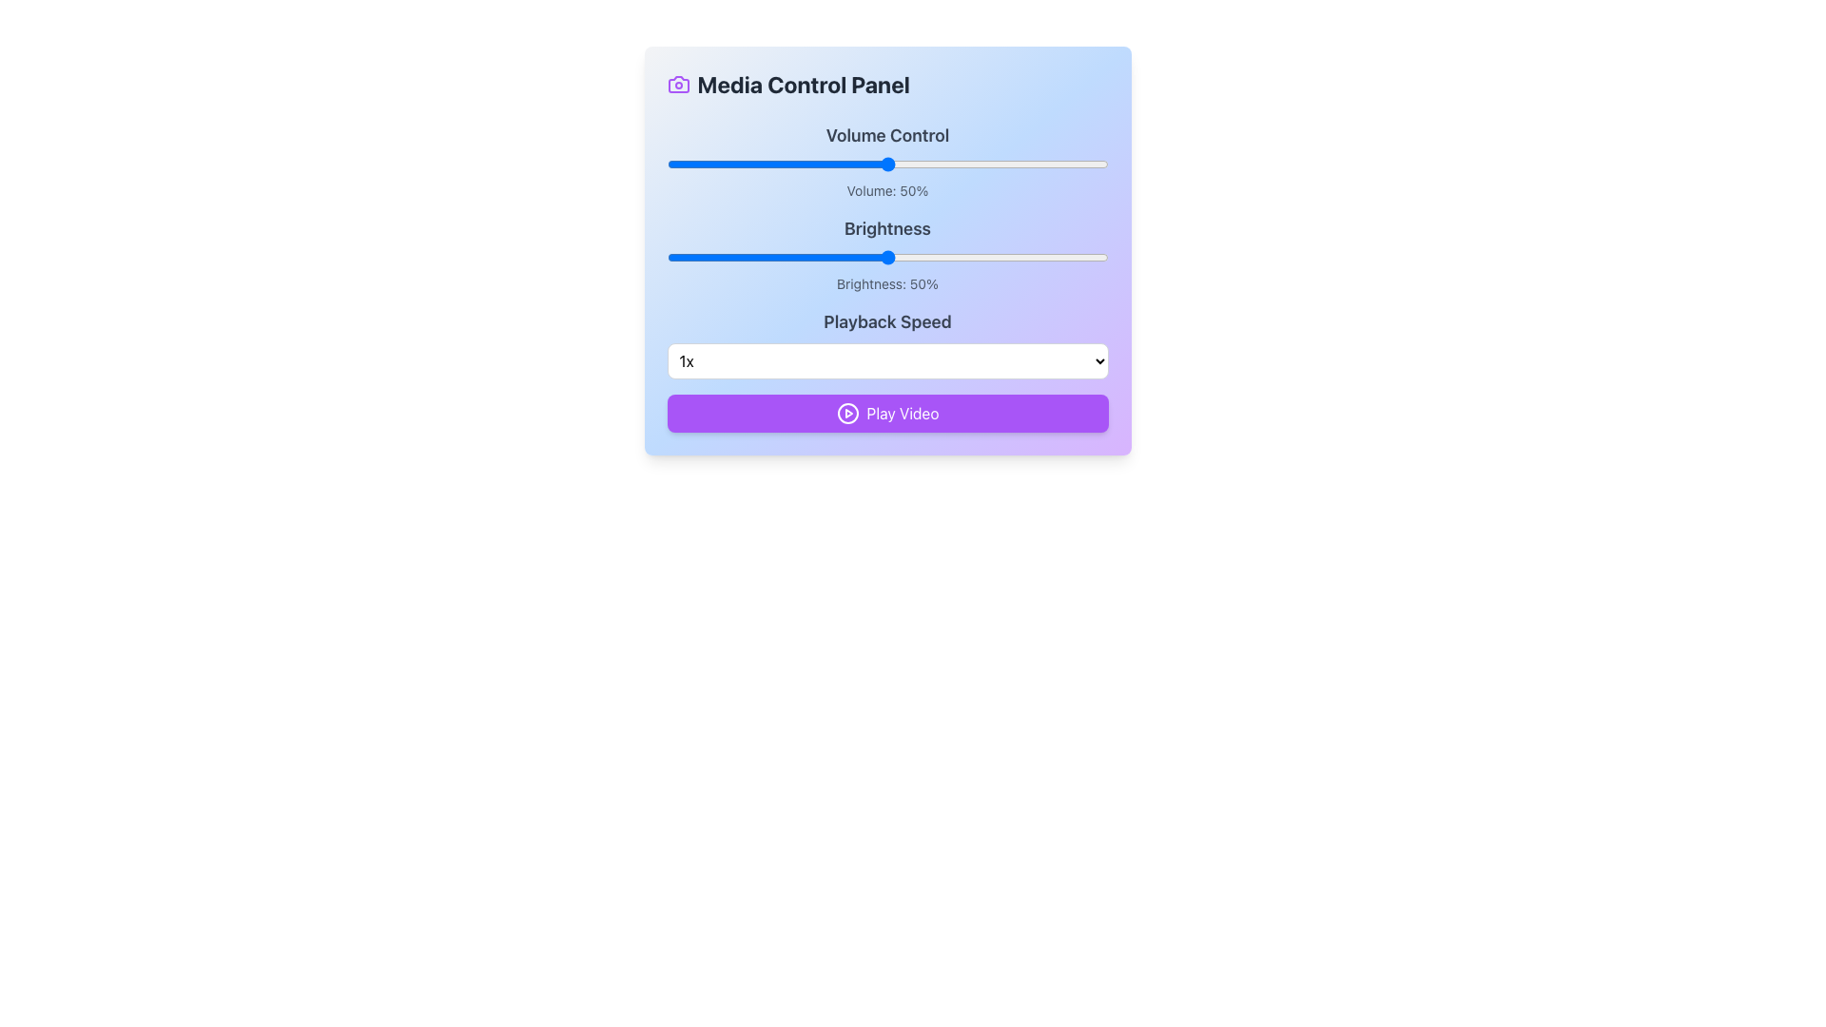  Describe the element at coordinates (923, 257) in the screenshot. I see `brightness` at that location.